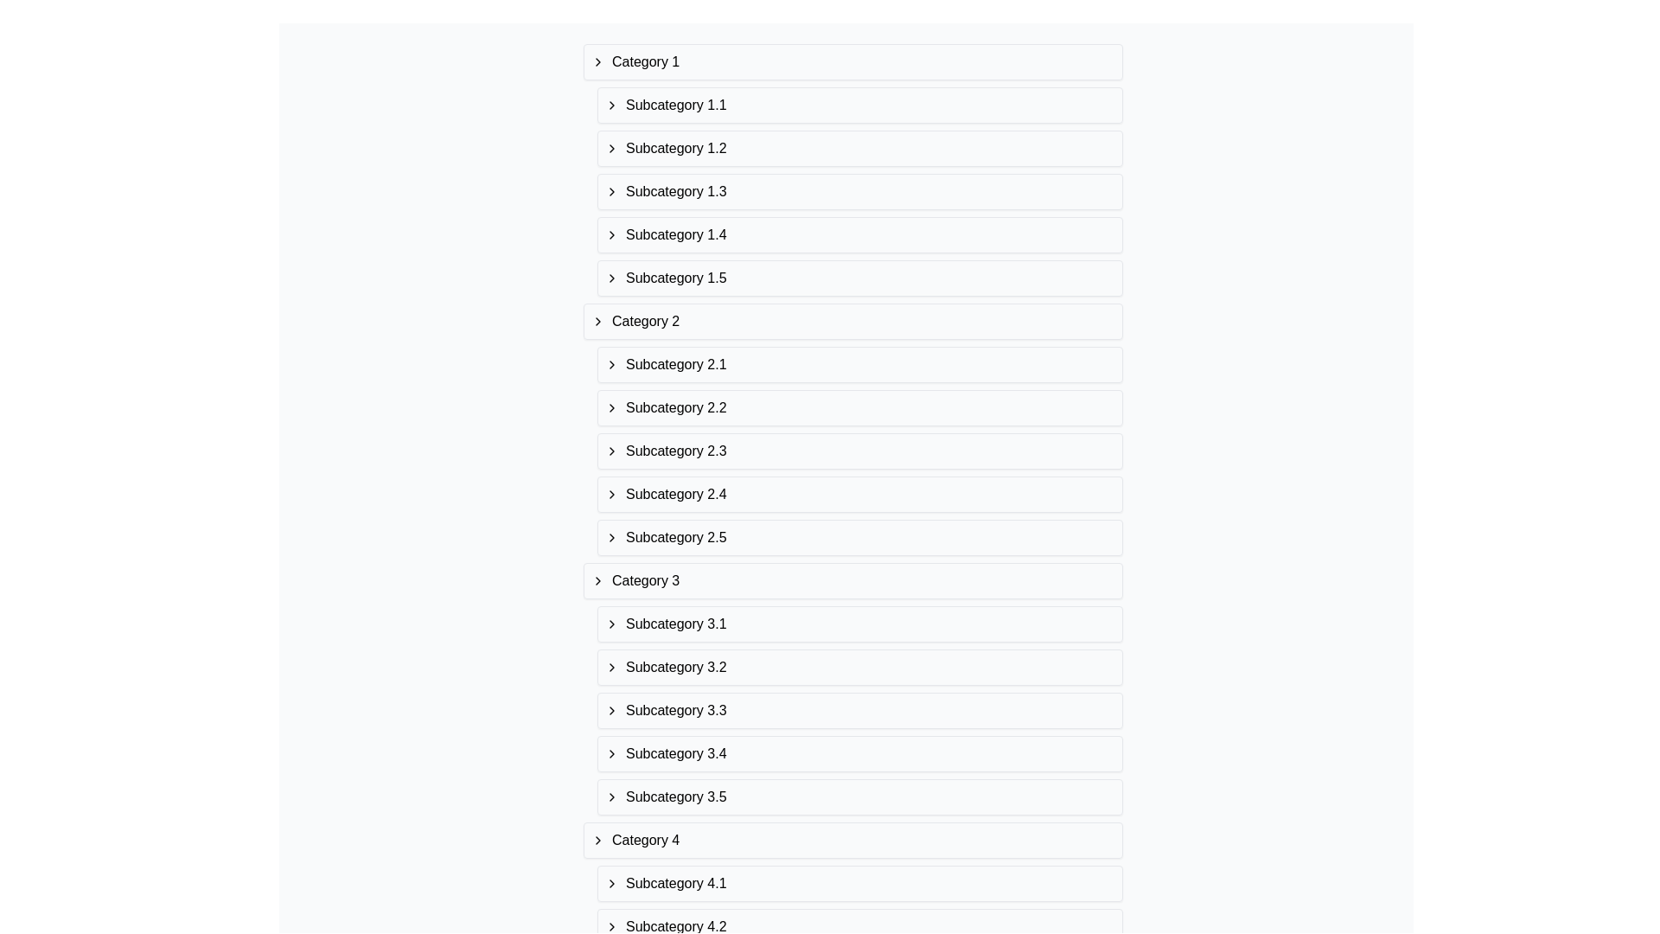  Describe the element at coordinates (859, 752) in the screenshot. I see `the fourth subcategory item labeled 'Subcategory 3.4' within 'Category 3'` at that location.